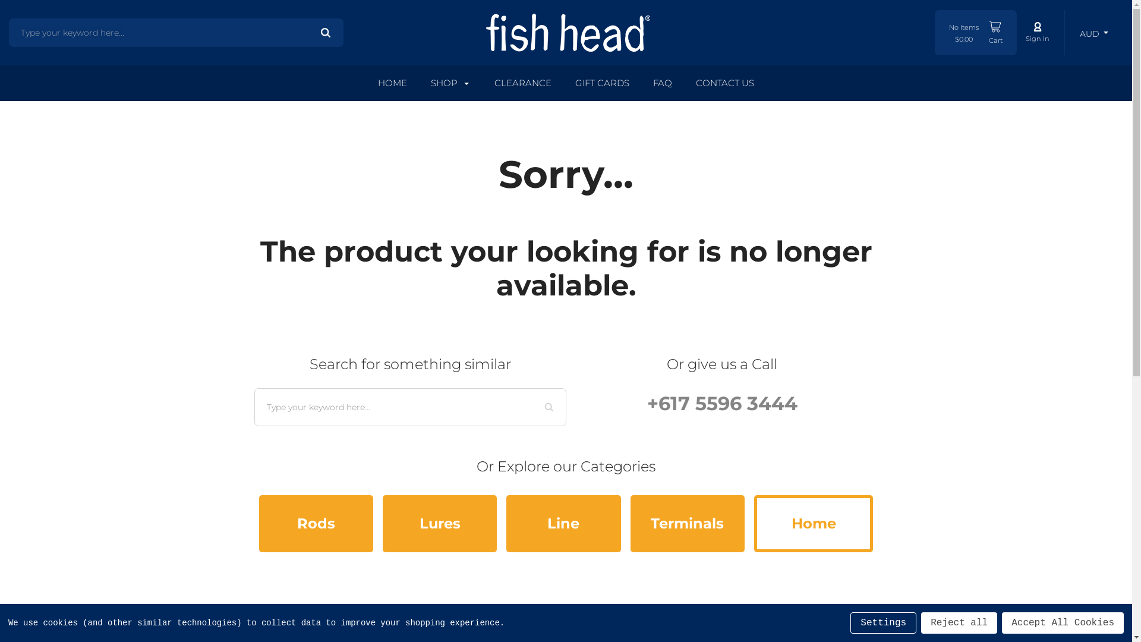 The height and width of the screenshot is (642, 1141). Describe the element at coordinates (522, 82) in the screenshot. I see `'CLEARANCE'` at that location.